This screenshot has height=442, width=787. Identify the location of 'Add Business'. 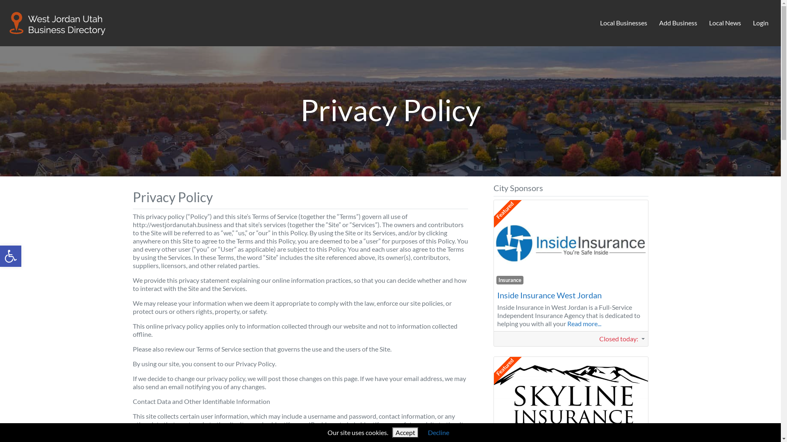
(678, 23).